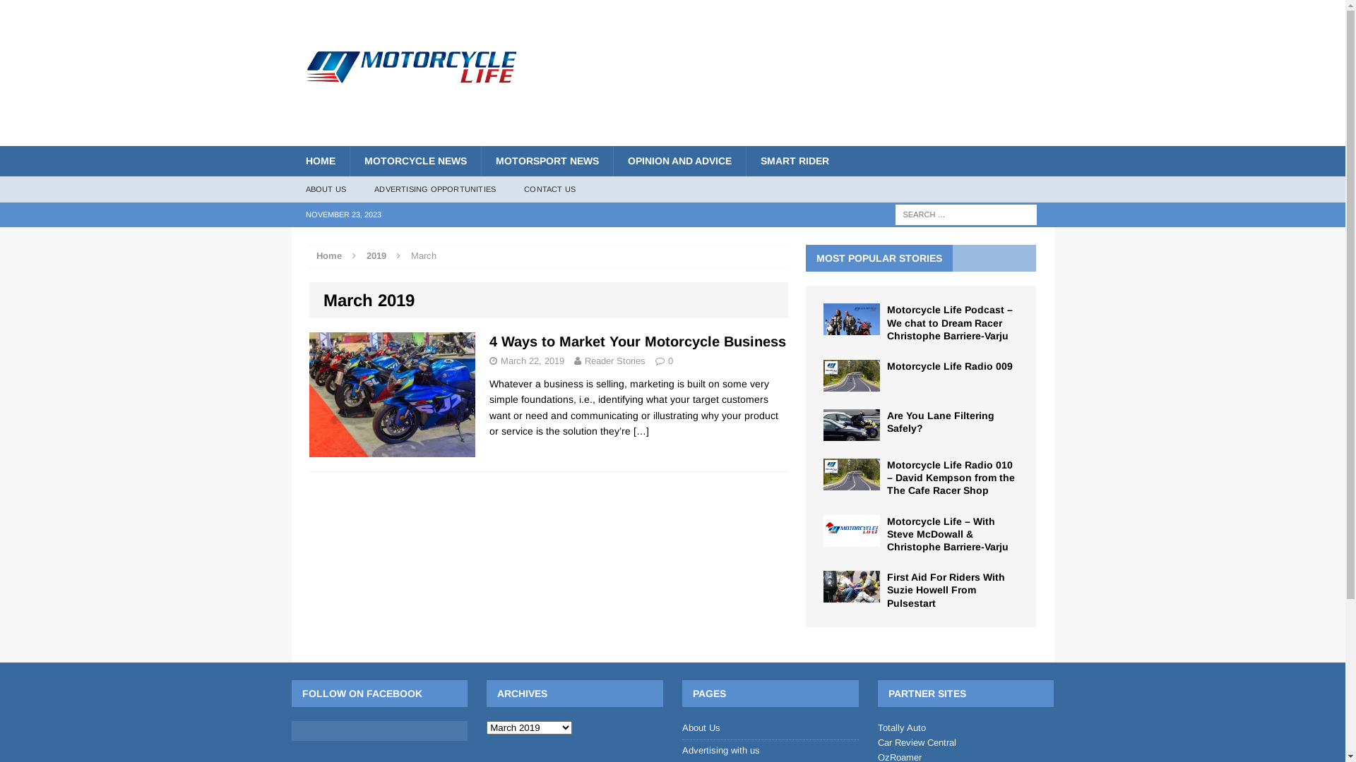 Image resolution: width=1356 pixels, height=762 pixels. Describe the element at coordinates (886, 590) in the screenshot. I see `'First Aid For Riders With Suzie Howell From Pulsestart'` at that location.